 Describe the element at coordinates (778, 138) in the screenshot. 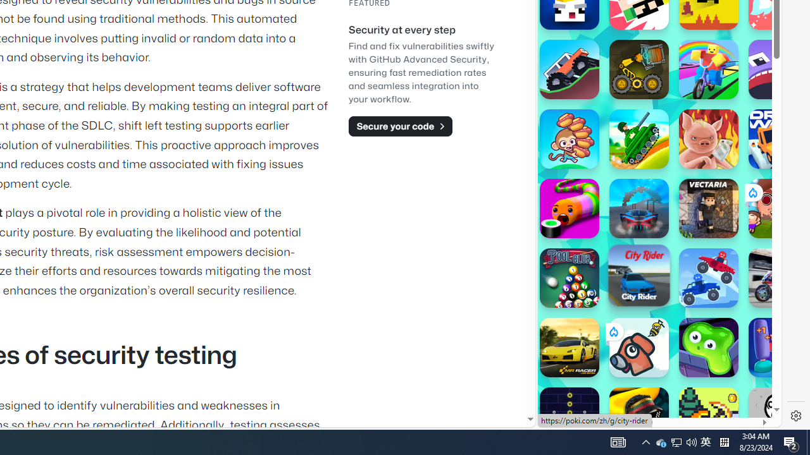

I see `'Driftwave'` at that location.